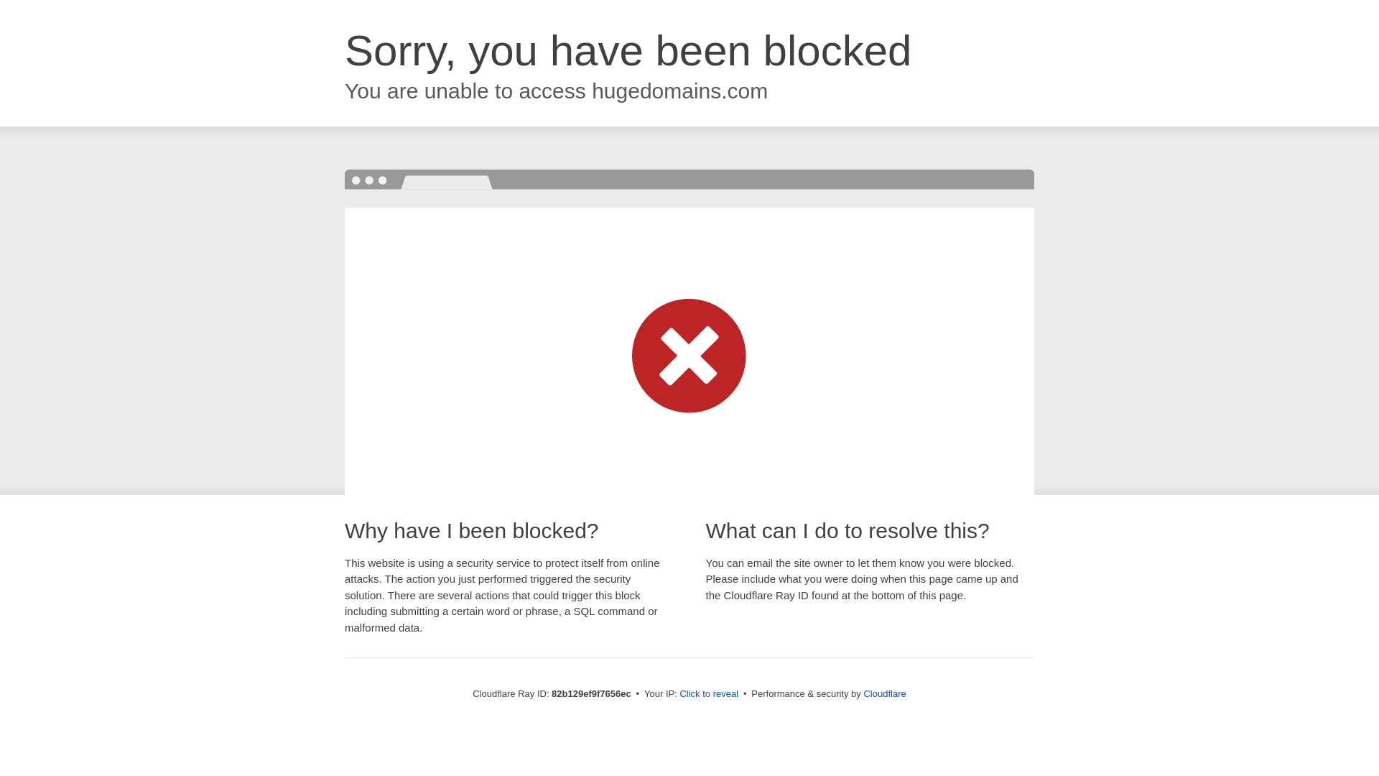 This screenshot has height=776, width=1379. What do you see at coordinates (883, 693) in the screenshot?
I see `'Cloudflare'` at bounding box center [883, 693].